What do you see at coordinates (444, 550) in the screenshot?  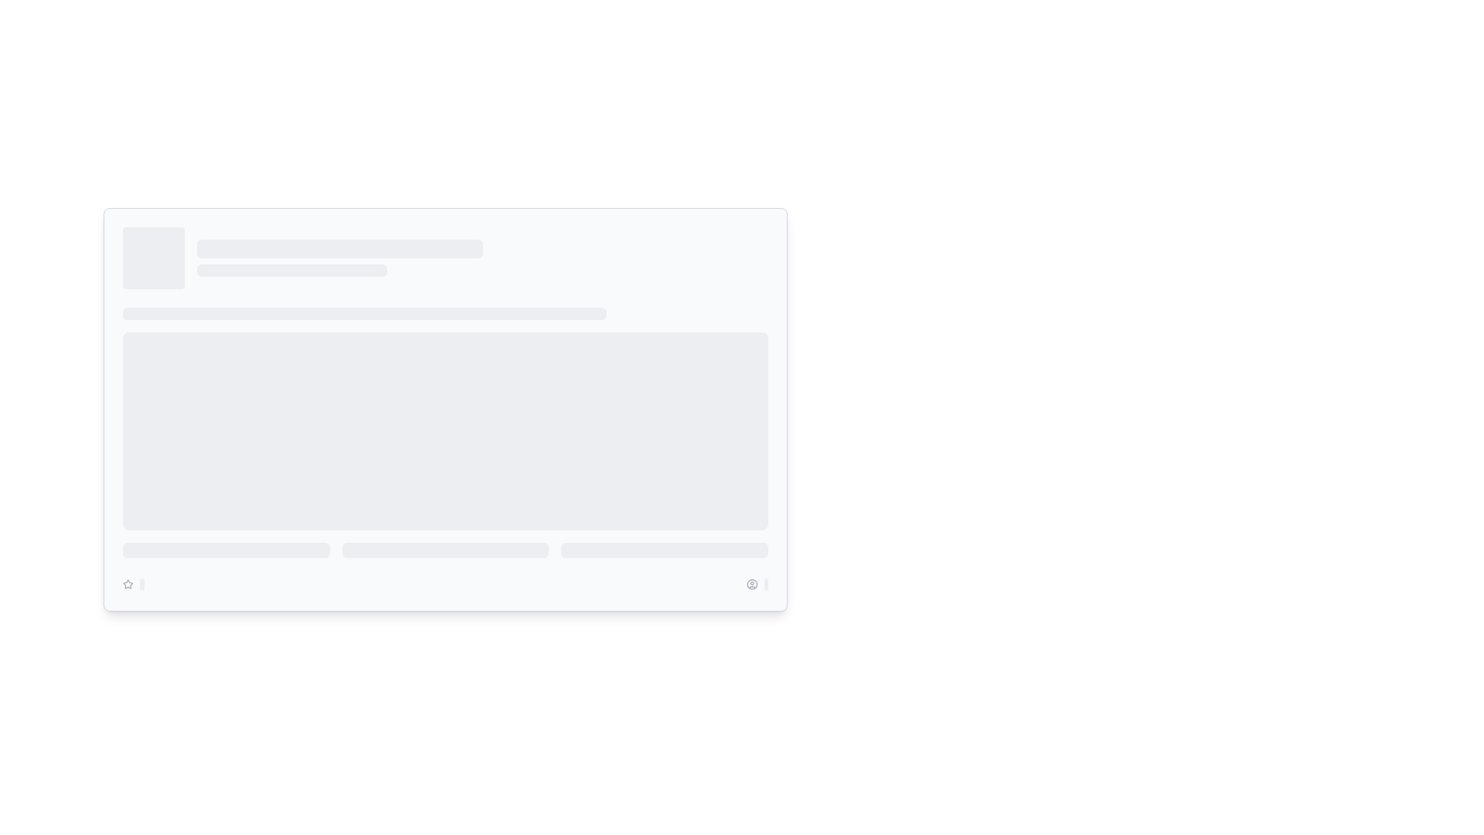 I see `the loading placeholder, which is the central element among three horizontally aligned similar elements positioned near the center and bottom of the interface` at bounding box center [444, 550].